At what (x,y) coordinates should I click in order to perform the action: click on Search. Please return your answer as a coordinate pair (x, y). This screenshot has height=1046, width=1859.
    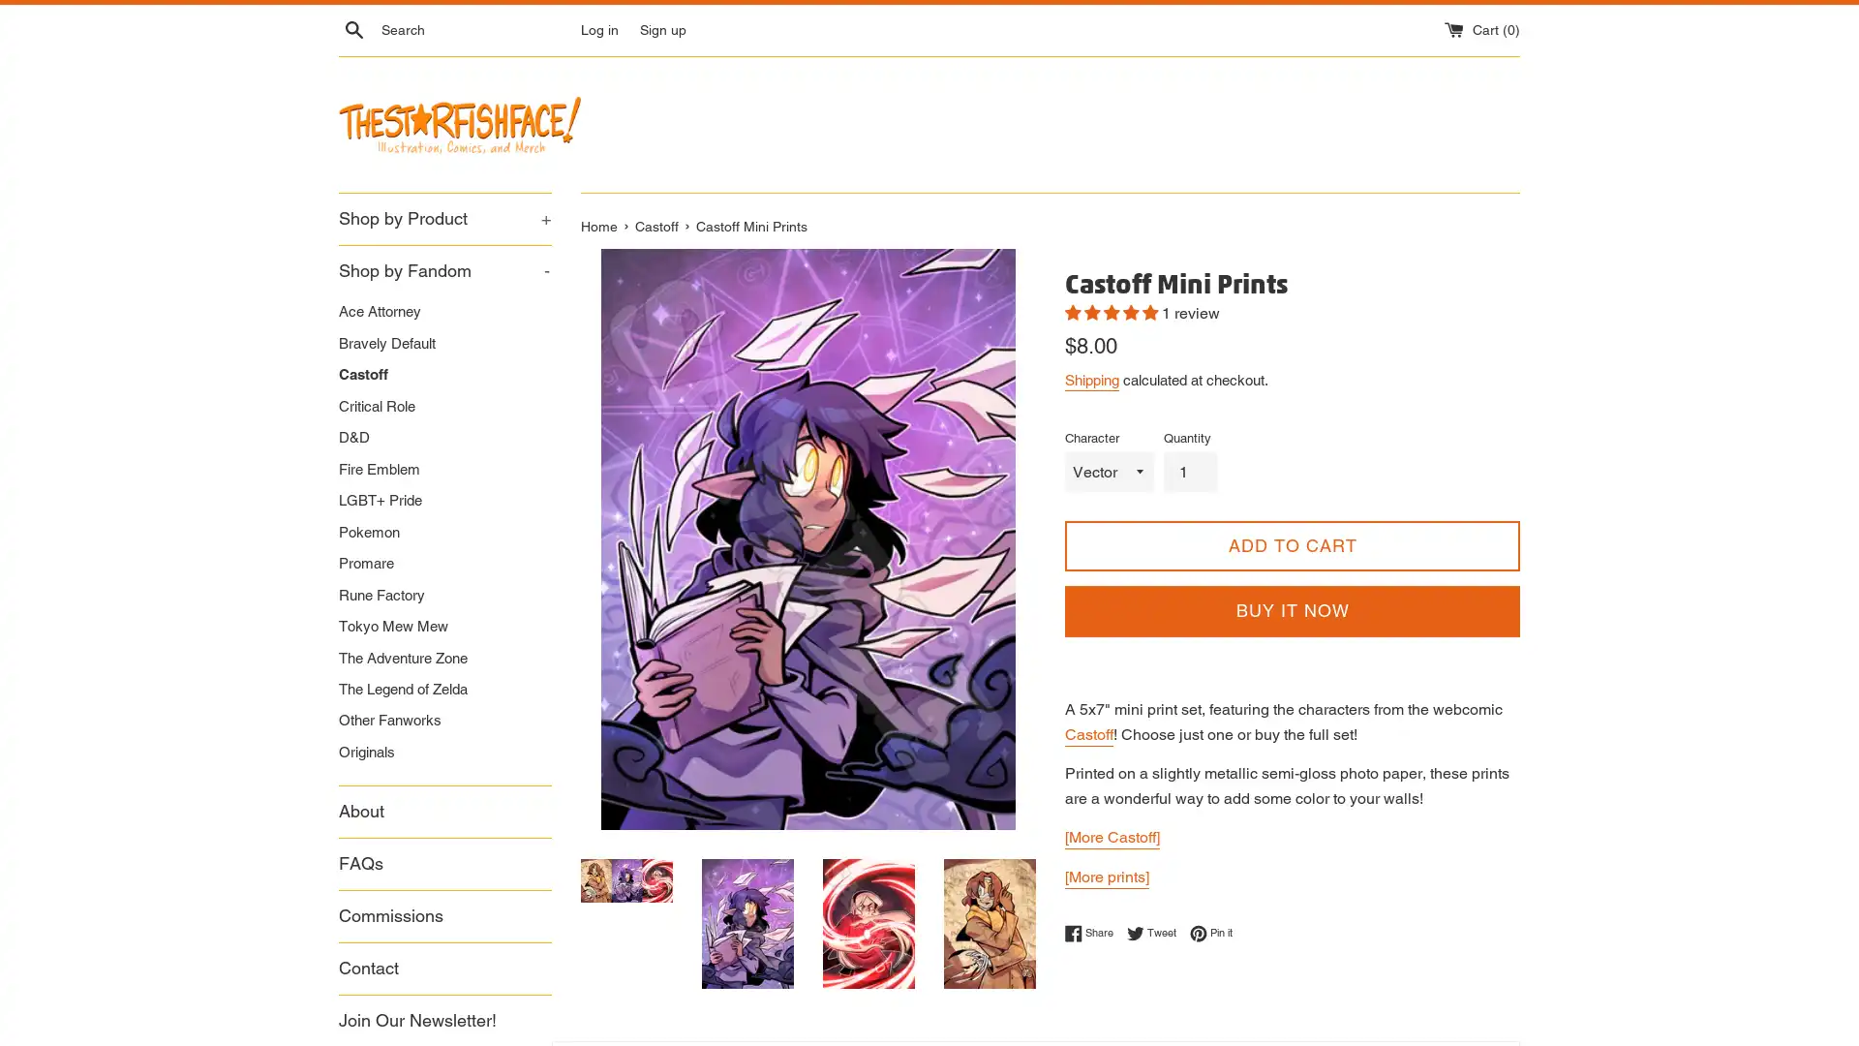
    Looking at the image, I should click on (353, 29).